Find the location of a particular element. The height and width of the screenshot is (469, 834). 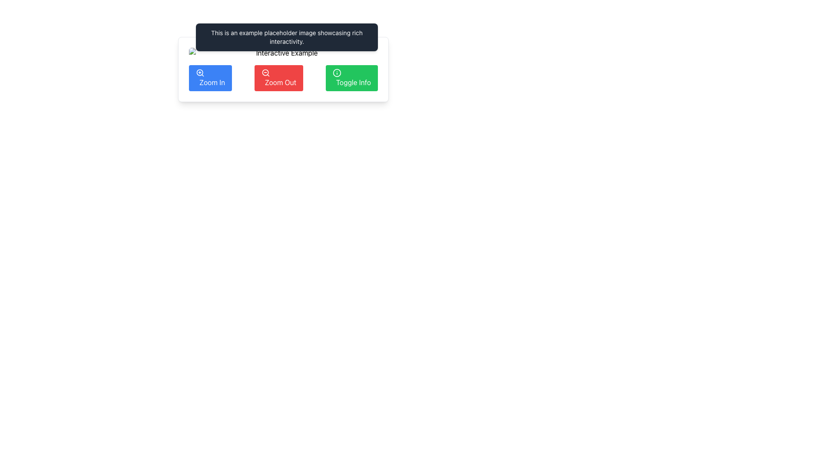

the red 'Zoom Out' button with white text and a magnifying glass icon to zoom out is located at coordinates (278, 78).